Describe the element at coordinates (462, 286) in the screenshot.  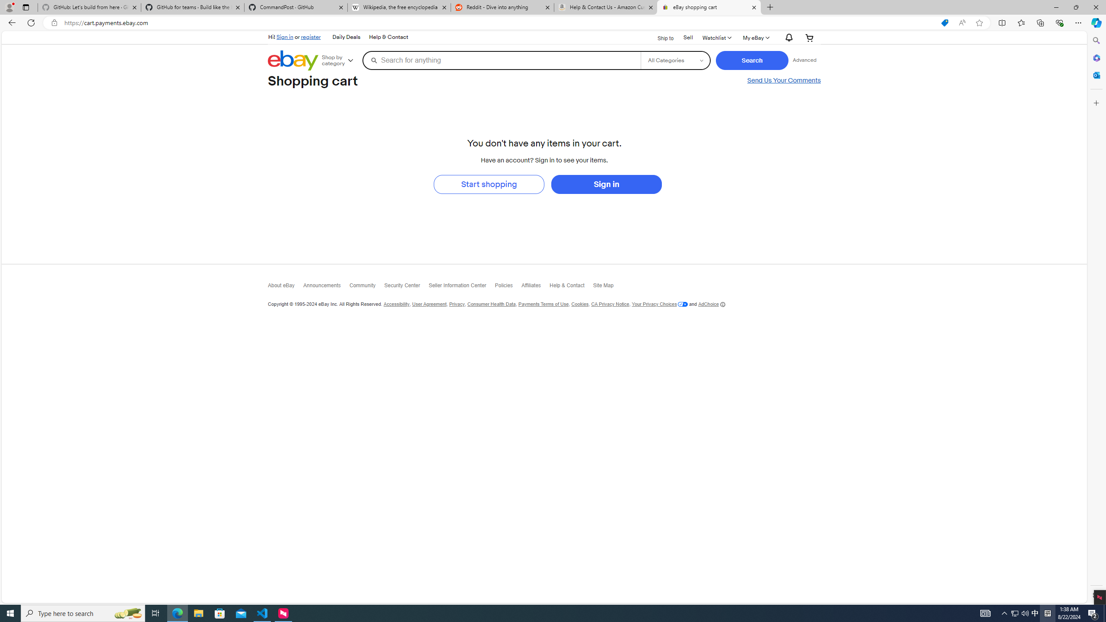
I see `'Seller Information Center'` at that location.